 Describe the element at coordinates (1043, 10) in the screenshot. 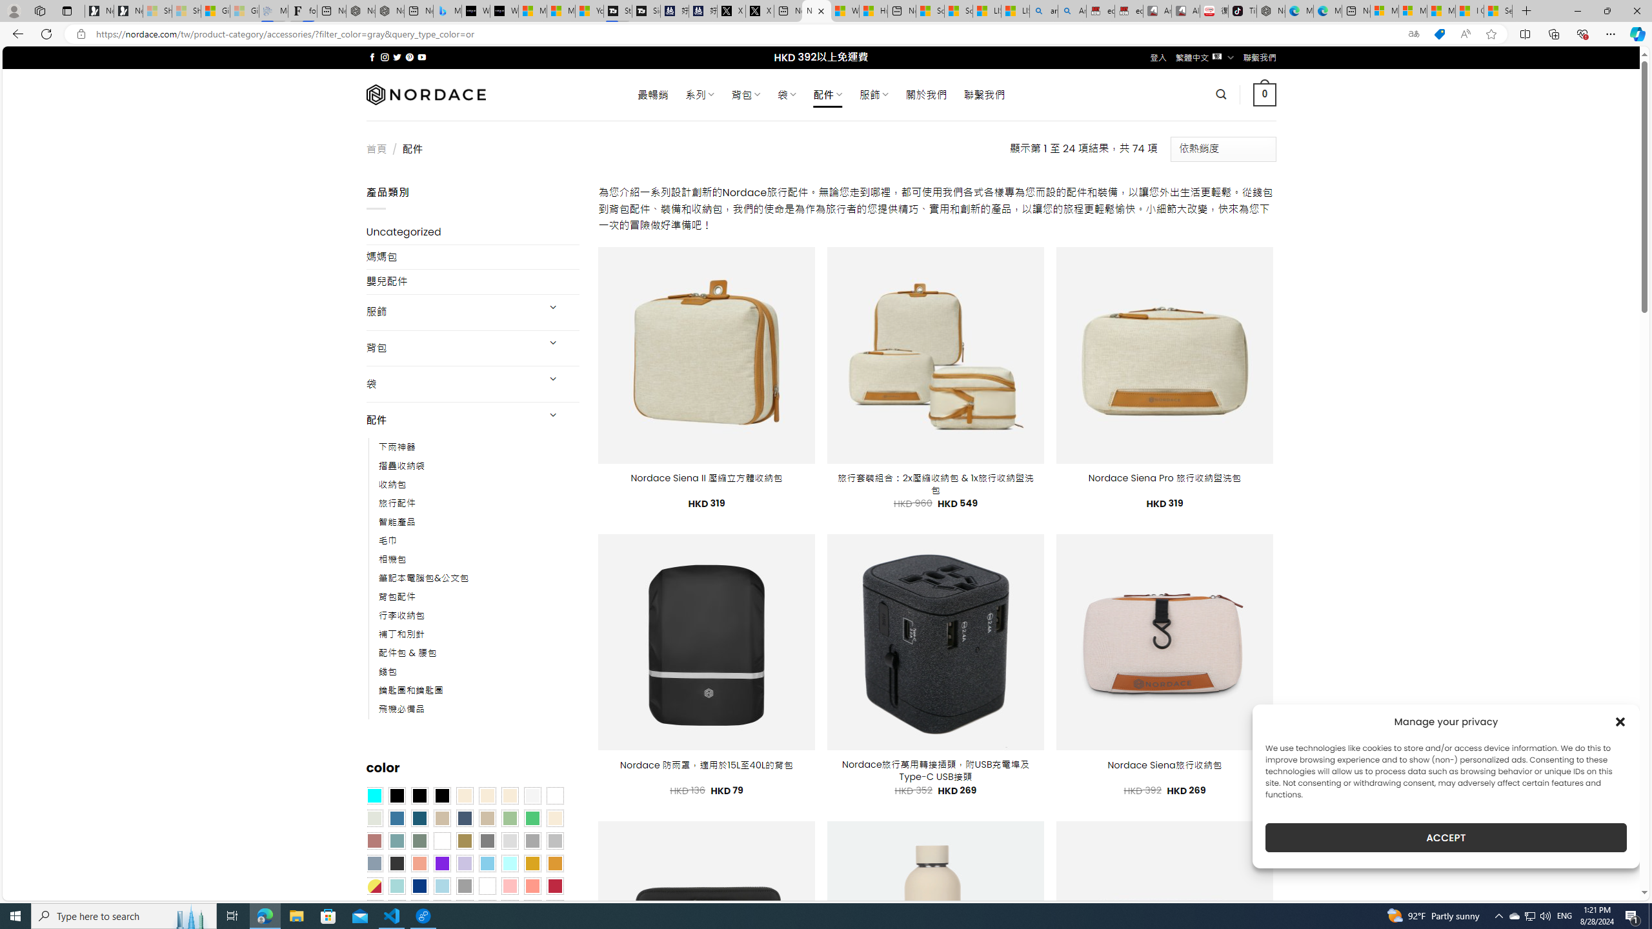

I see `'amazon - Search'` at that location.